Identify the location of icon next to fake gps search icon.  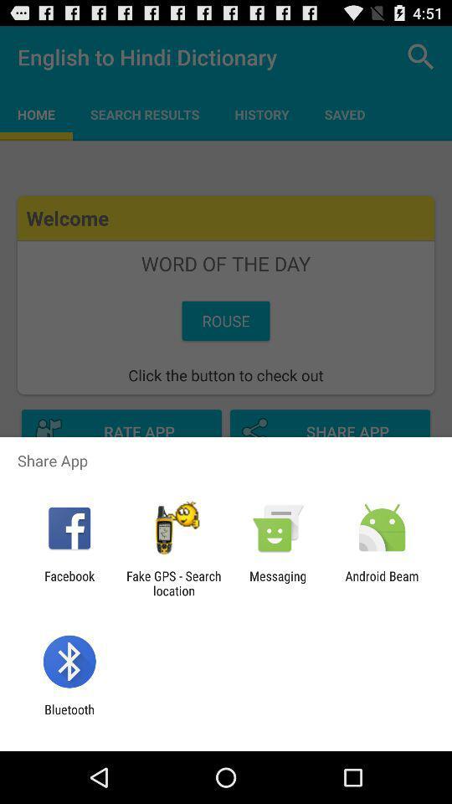
(278, 583).